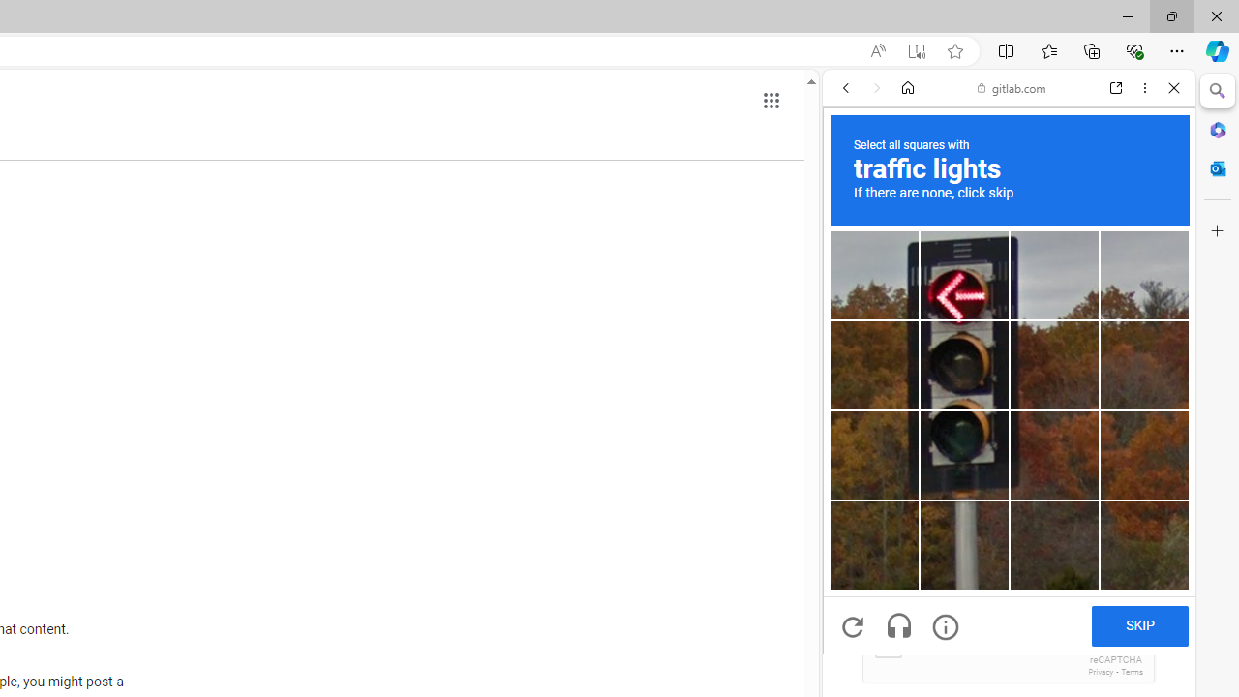 The width and height of the screenshot is (1239, 697). What do you see at coordinates (1217, 91) in the screenshot?
I see `'Close Search pane'` at bounding box center [1217, 91].